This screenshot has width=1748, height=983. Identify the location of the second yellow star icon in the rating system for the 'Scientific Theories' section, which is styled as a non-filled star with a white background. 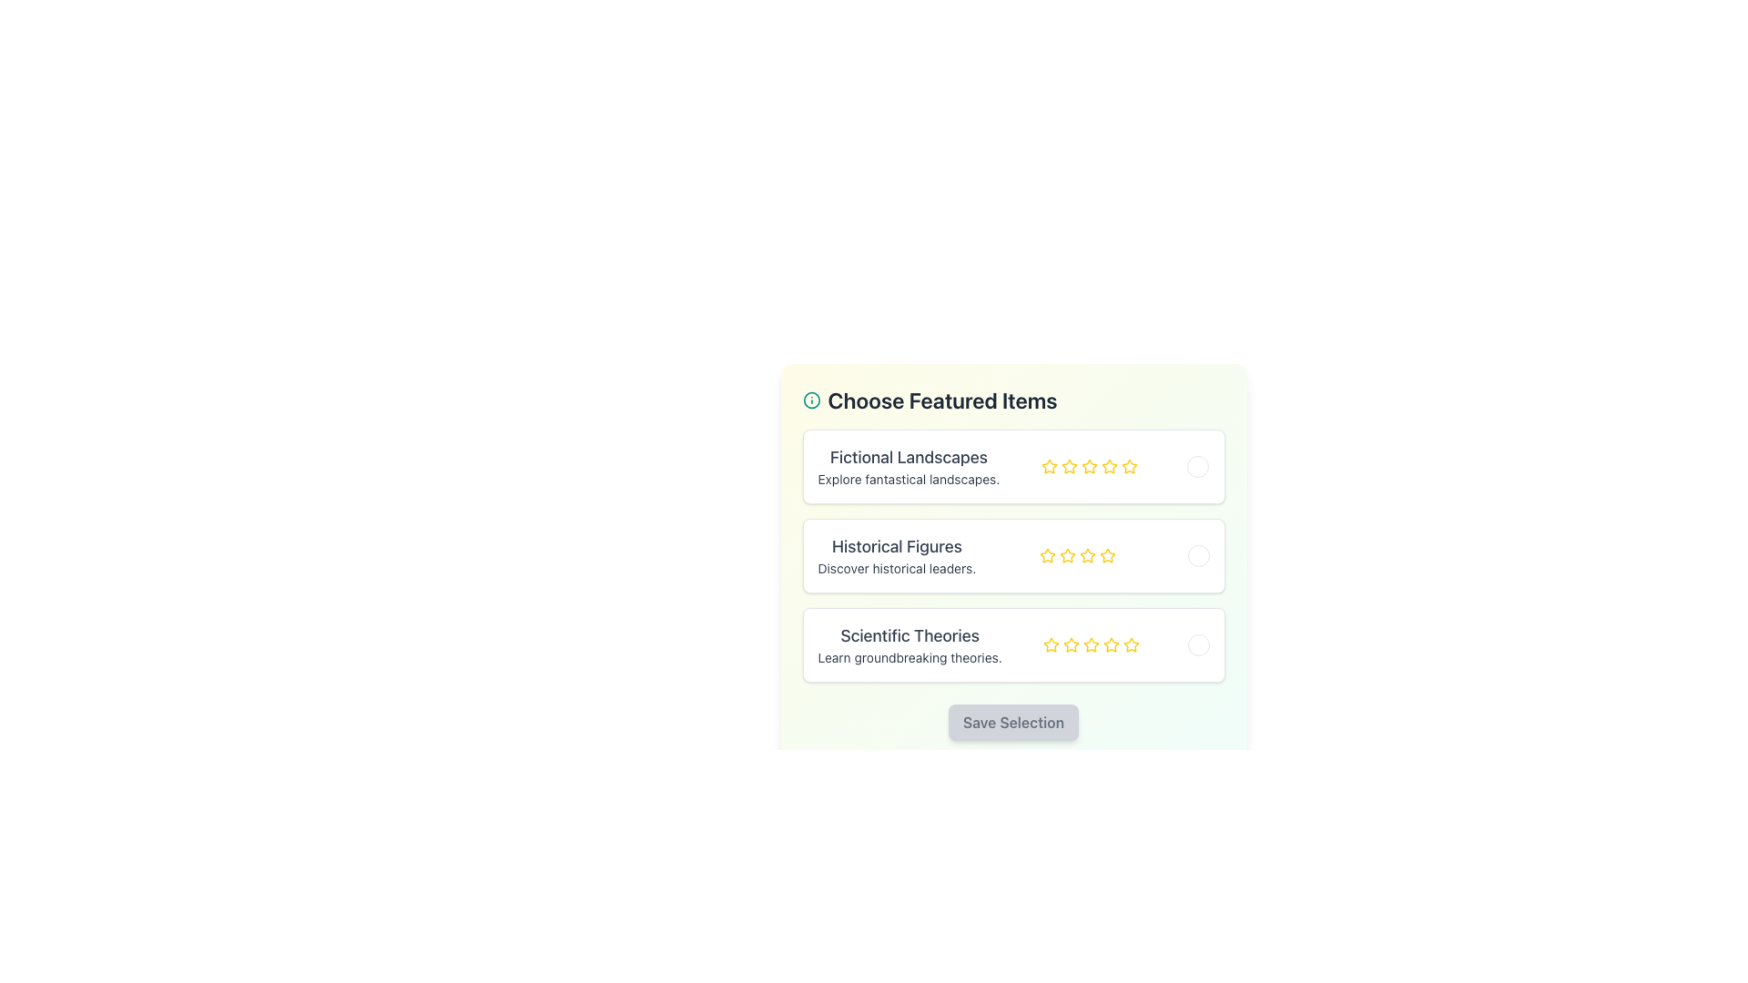
(1071, 644).